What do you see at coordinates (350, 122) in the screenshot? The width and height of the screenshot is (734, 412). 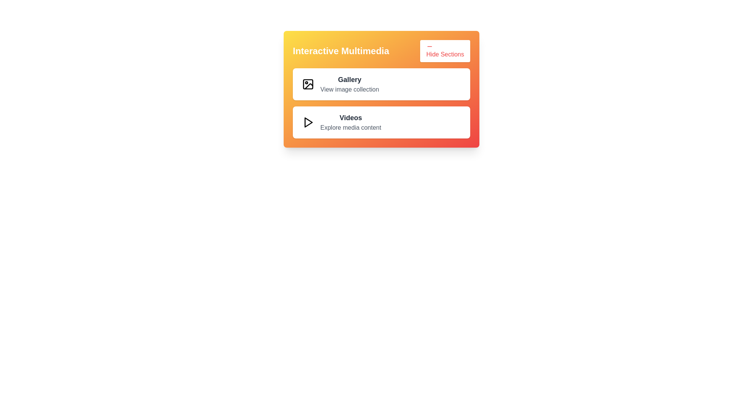 I see `the 'Videos' text element, which is a title and description pair located in the lower section of a multimedia card` at bounding box center [350, 122].